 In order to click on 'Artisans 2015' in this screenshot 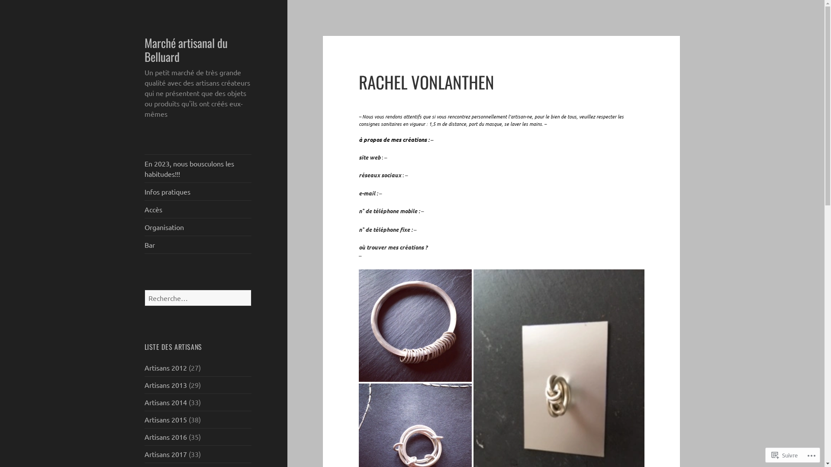, I will do `click(166, 419)`.